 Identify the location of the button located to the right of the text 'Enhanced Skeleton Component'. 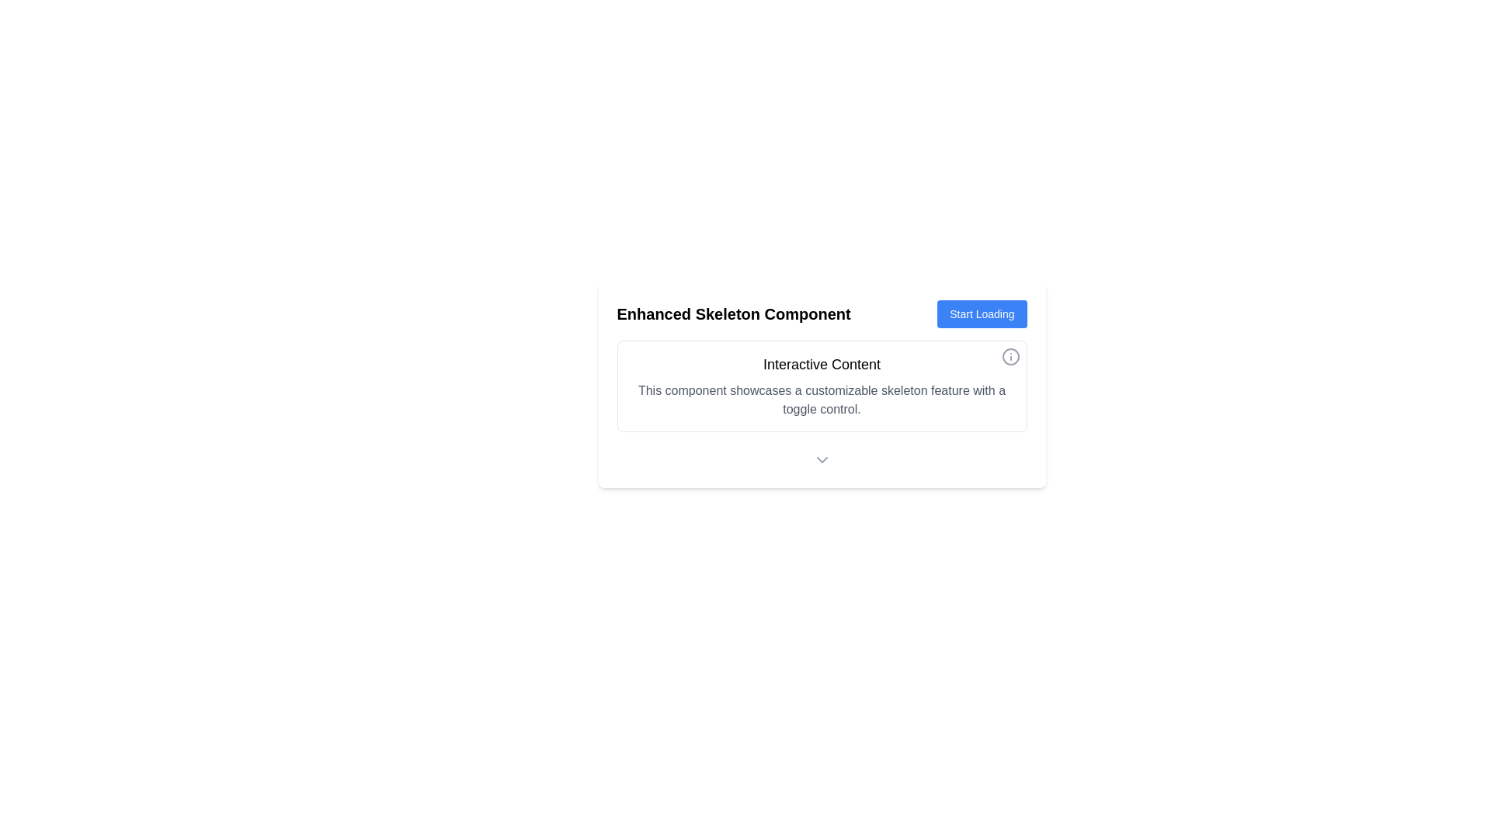
(980, 314).